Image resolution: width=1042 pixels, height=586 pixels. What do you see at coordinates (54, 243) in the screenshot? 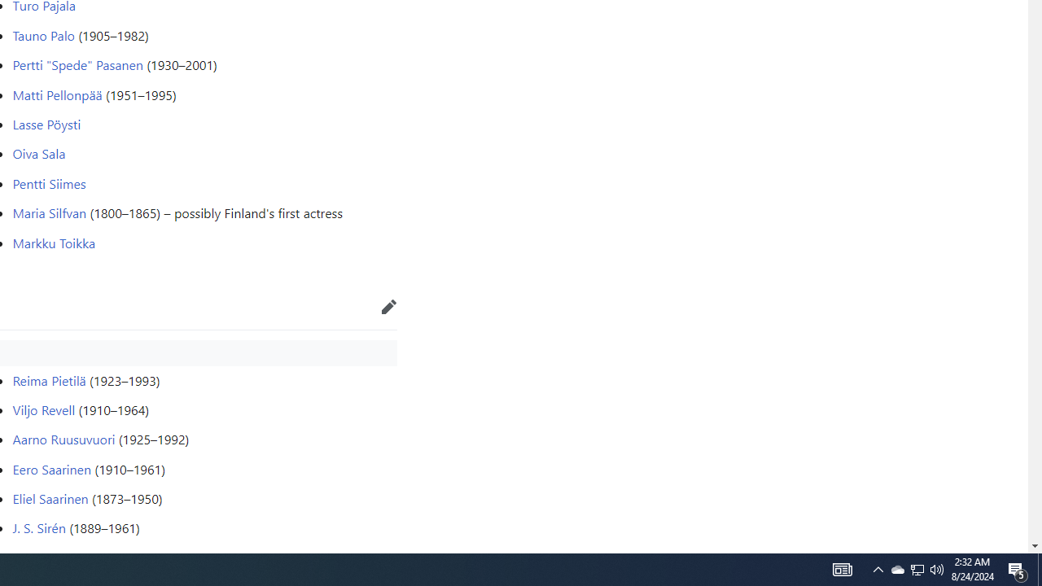
I see `'Markku Toikka'` at bounding box center [54, 243].